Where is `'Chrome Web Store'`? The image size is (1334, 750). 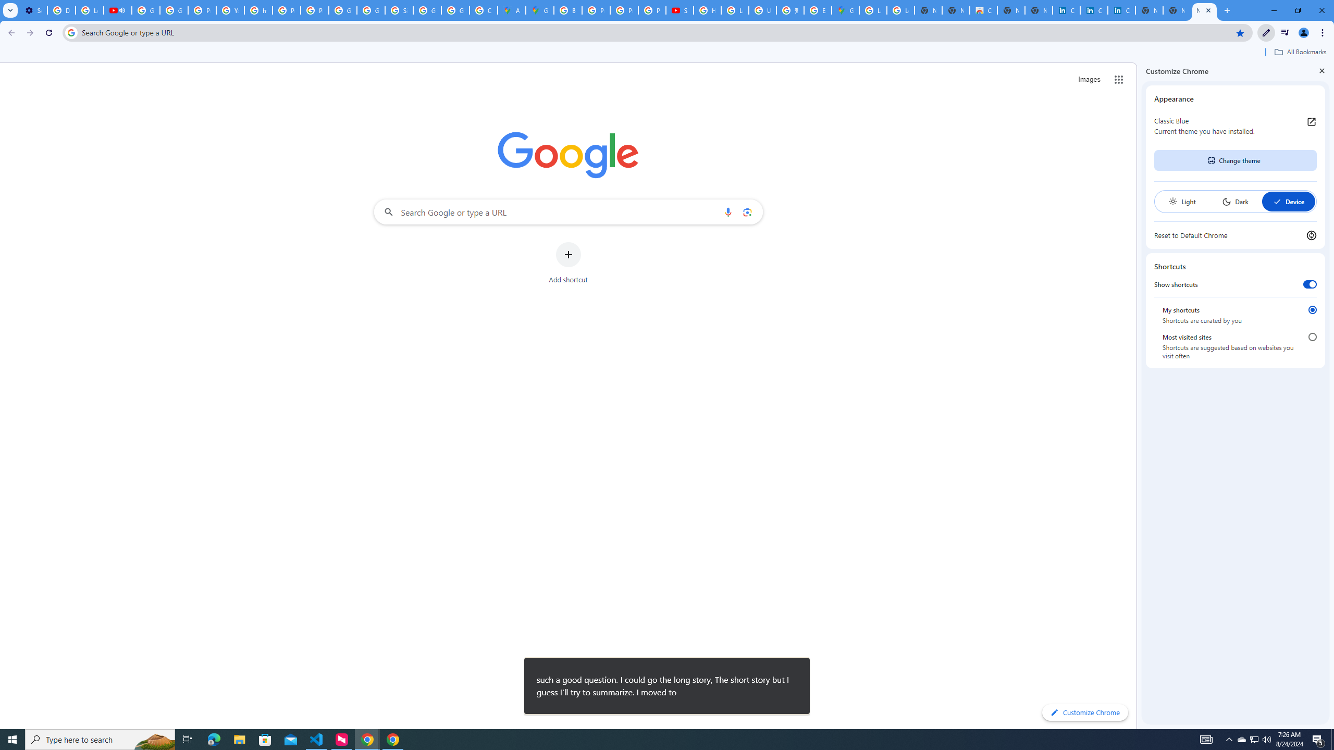
'Chrome Web Store' is located at coordinates (983, 10).